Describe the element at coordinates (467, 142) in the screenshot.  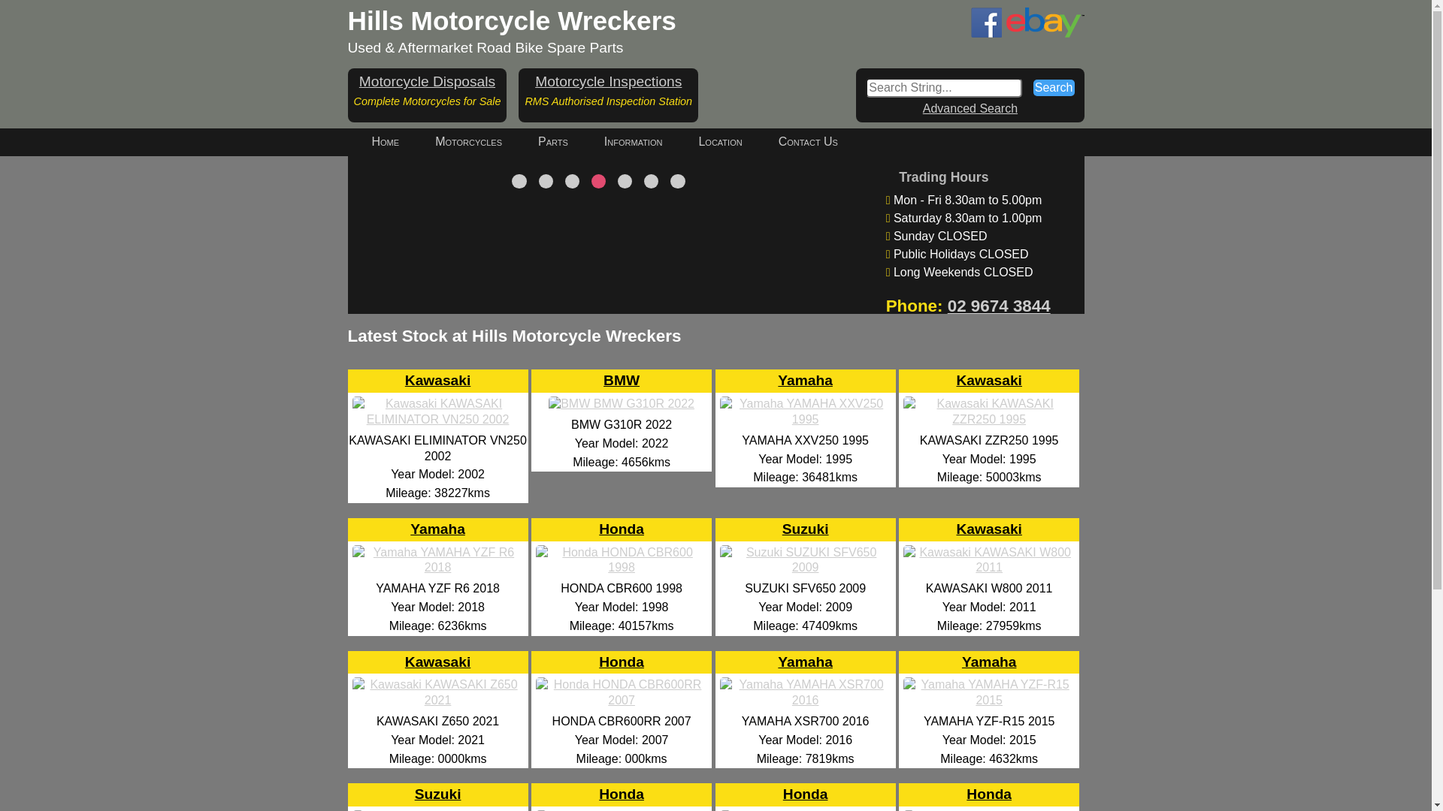
I see `'Motorcycles'` at that location.